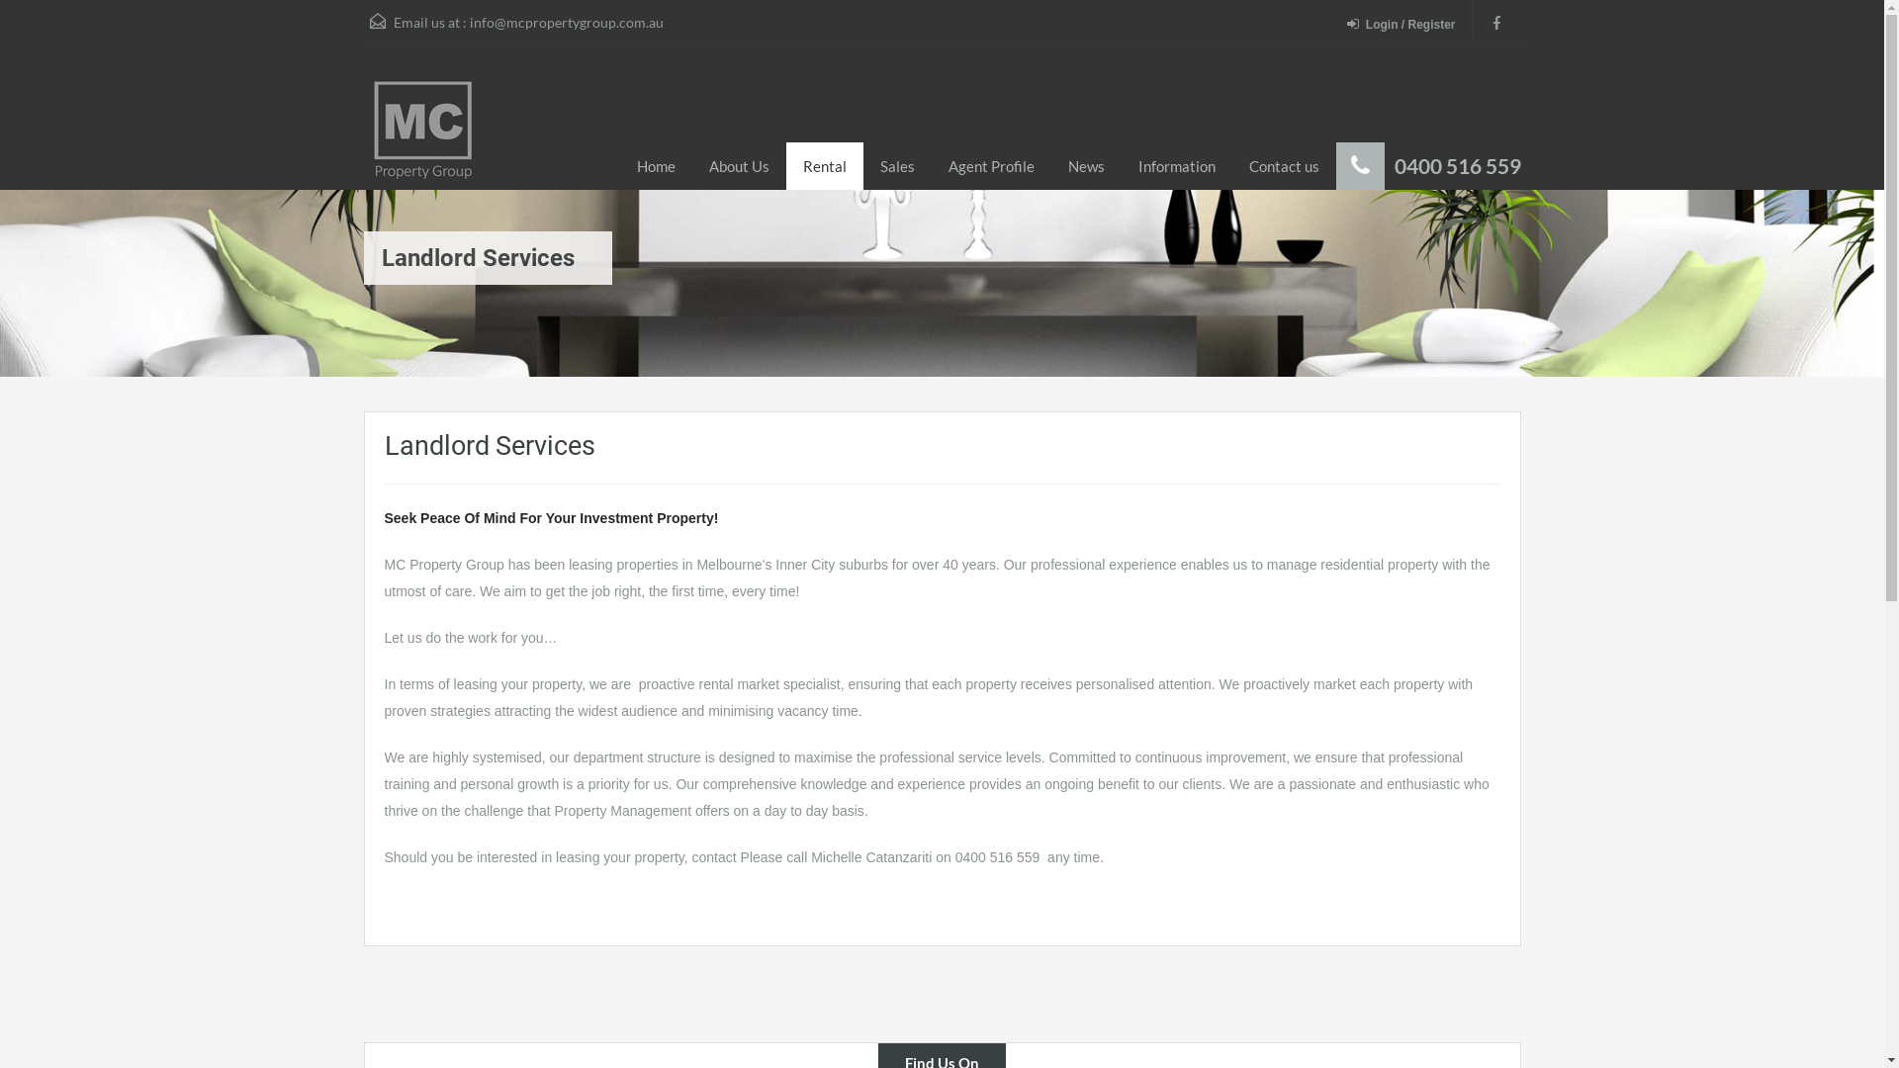 The width and height of the screenshot is (1899, 1068). Describe the element at coordinates (991, 165) in the screenshot. I see `'Agent Profile'` at that location.